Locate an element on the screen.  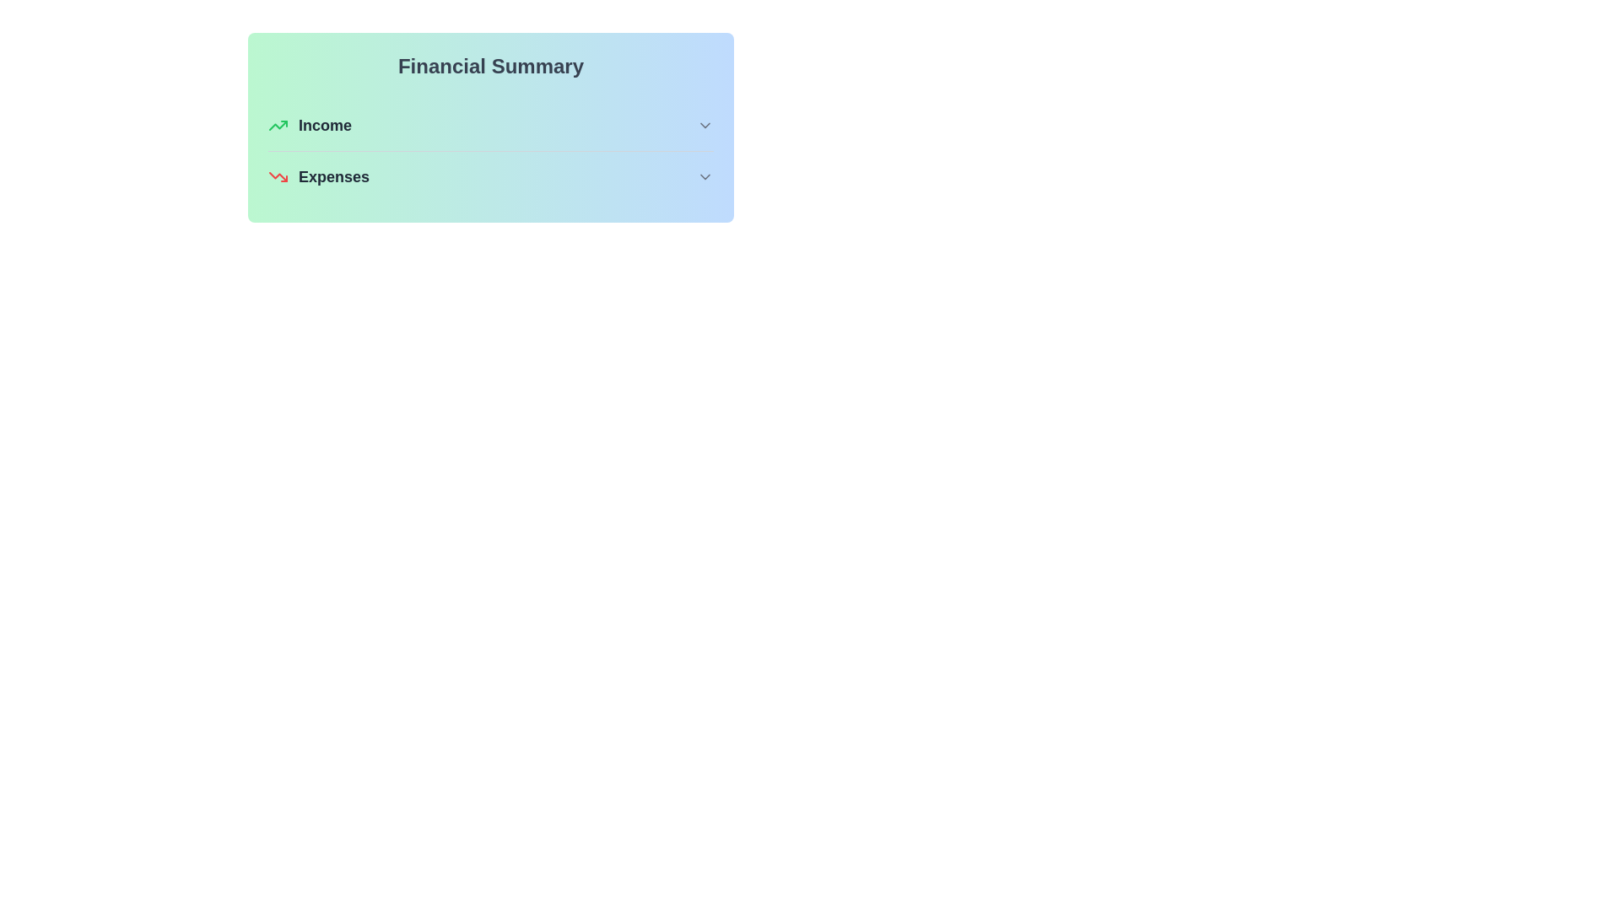
the upward trend icon located in the top-left region of the 'Financial Summary' section, adjacent to the text 'Income' is located at coordinates (278, 125).